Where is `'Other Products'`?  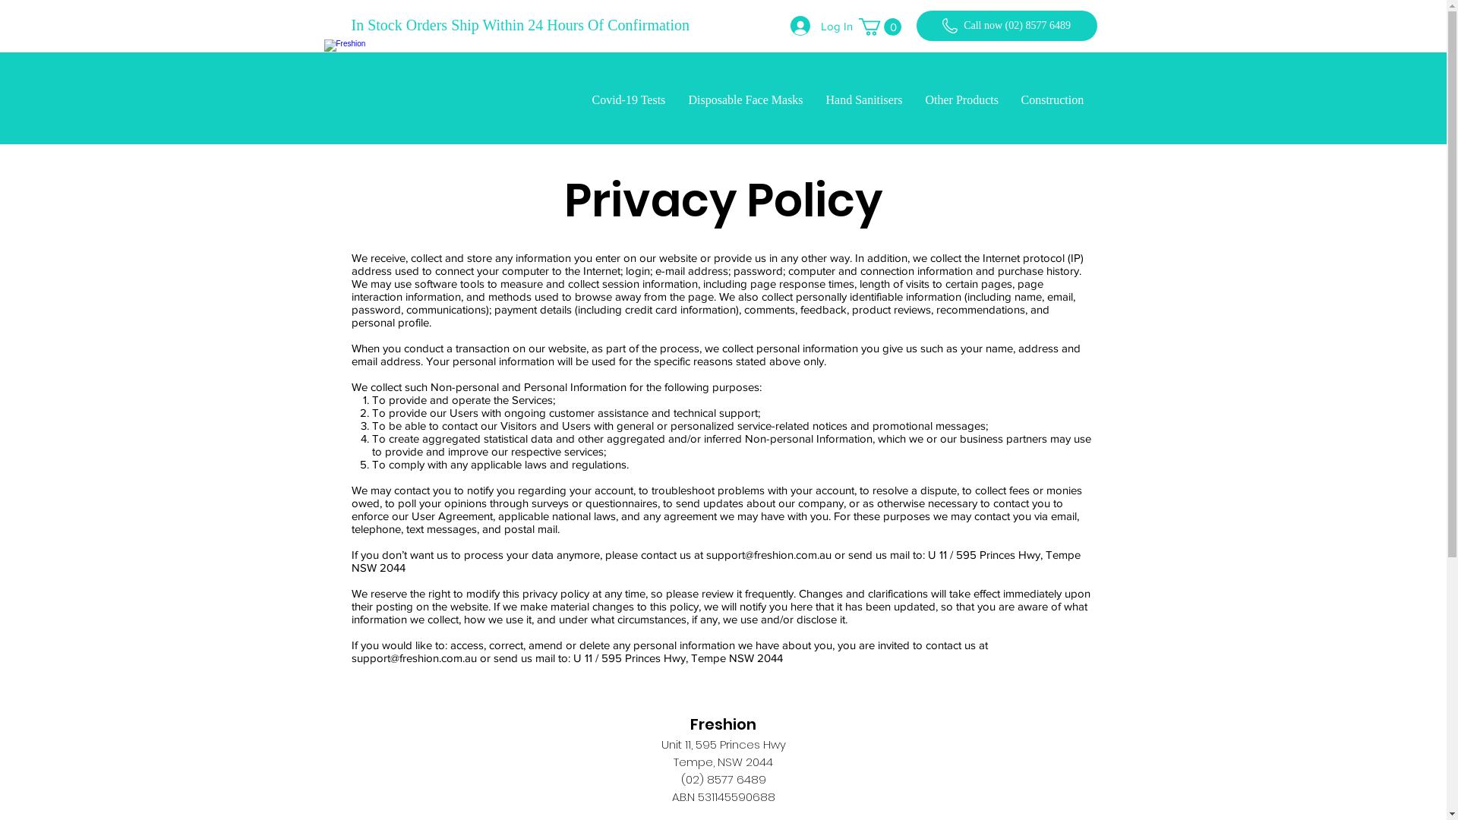 'Other Products' is located at coordinates (914, 99).